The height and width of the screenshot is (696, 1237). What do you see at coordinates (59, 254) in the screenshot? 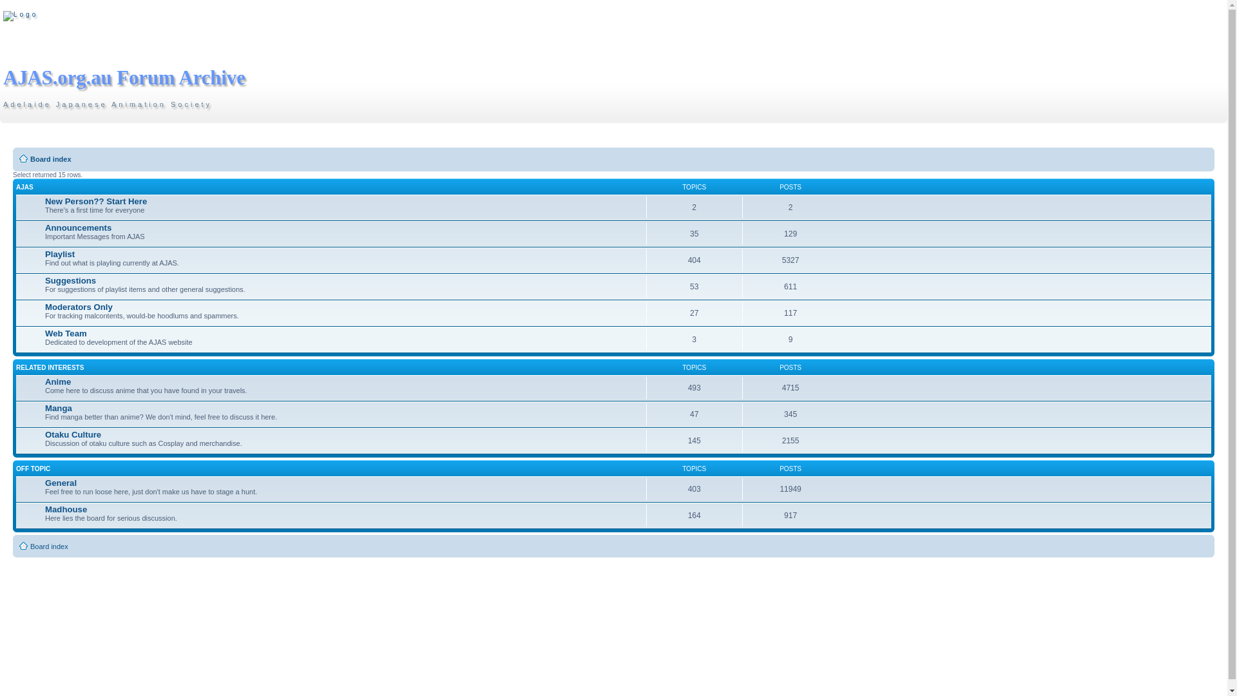
I see `'Playlist'` at bounding box center [59, 254].